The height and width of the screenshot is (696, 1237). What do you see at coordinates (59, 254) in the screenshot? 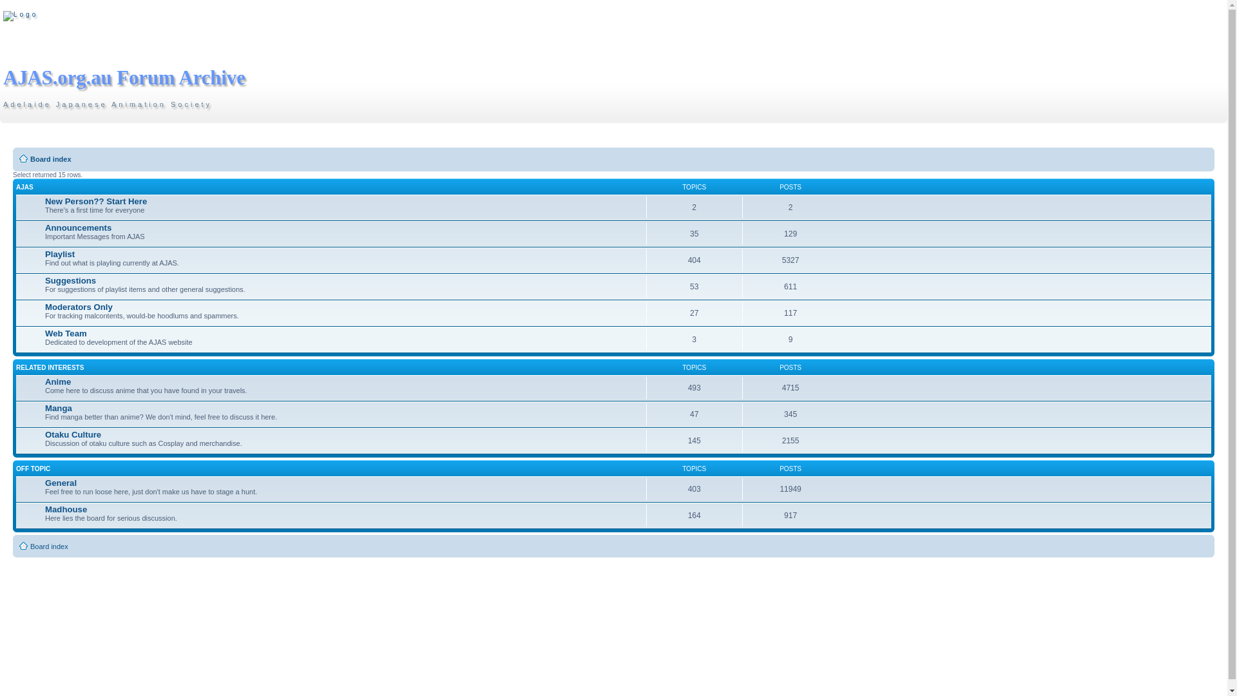
I see `'Playlist'` at bounding box center [59, 254].